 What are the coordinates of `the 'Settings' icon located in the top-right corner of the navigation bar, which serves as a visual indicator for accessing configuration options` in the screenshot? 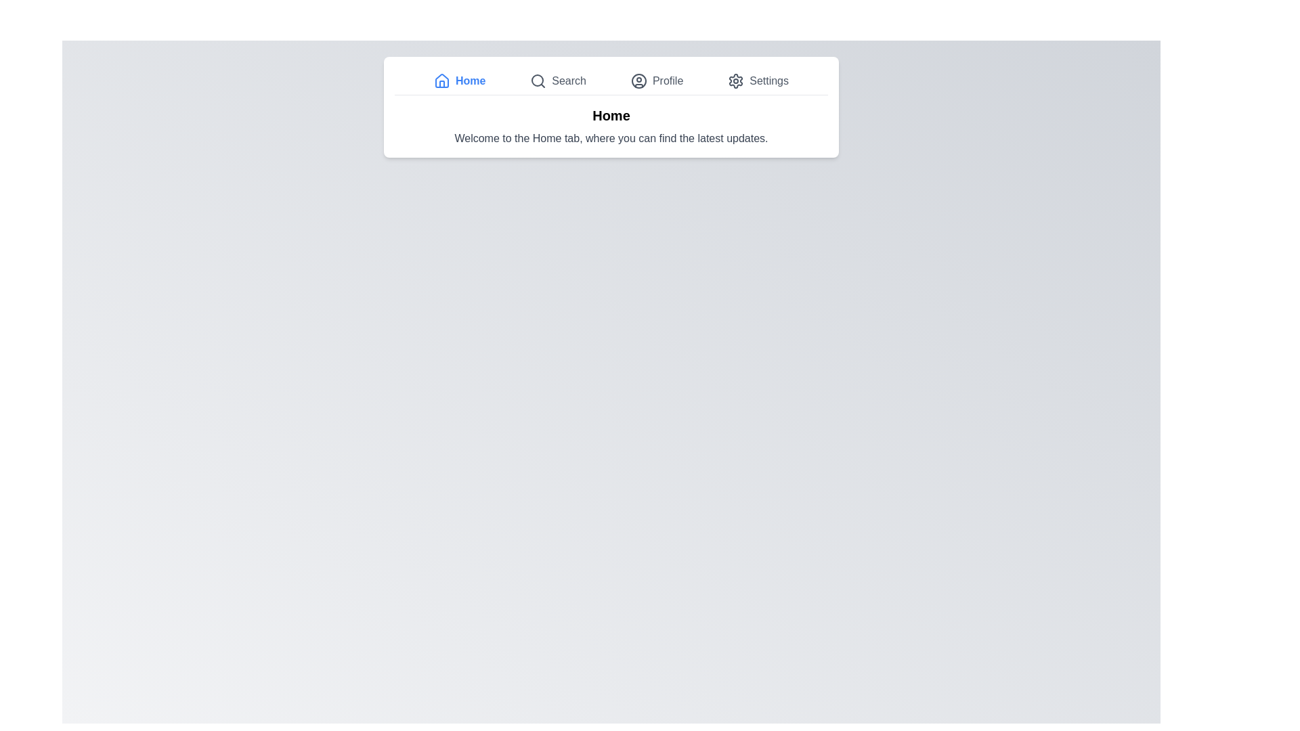 It's located at (735, 81).